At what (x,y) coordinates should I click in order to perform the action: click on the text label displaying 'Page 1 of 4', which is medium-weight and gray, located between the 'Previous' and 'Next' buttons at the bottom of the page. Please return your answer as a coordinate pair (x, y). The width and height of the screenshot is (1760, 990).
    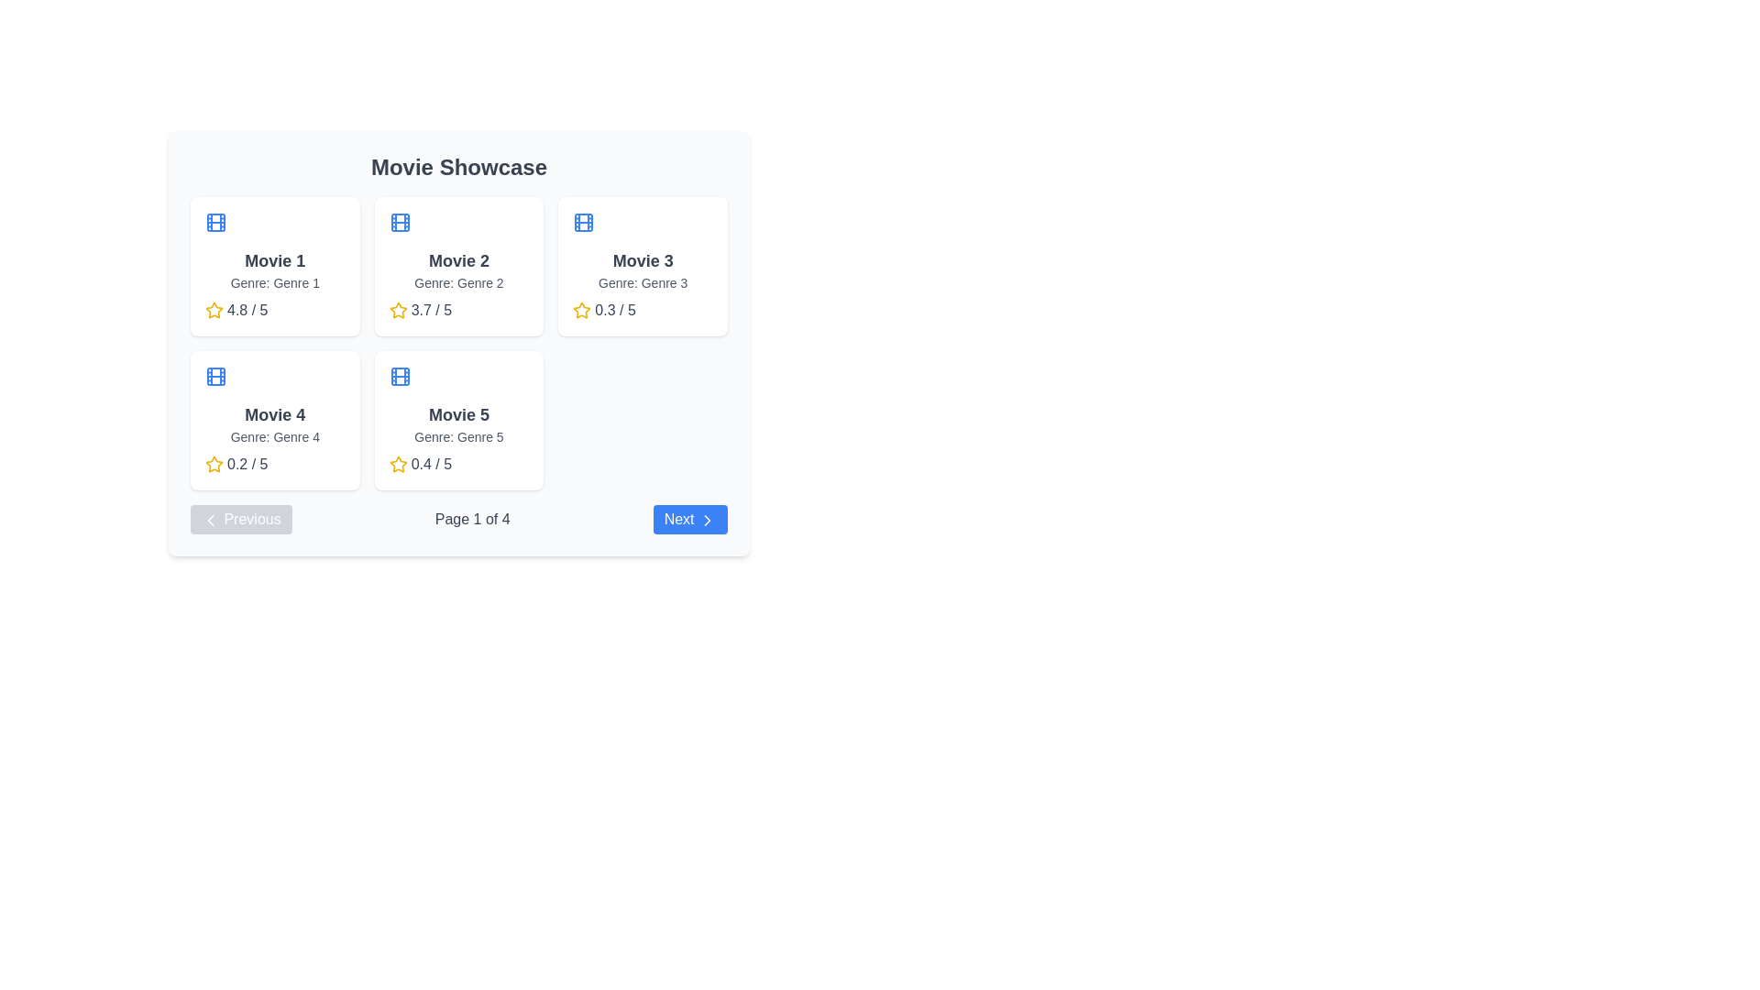
    Looking at the image, I should click on (472, 520).